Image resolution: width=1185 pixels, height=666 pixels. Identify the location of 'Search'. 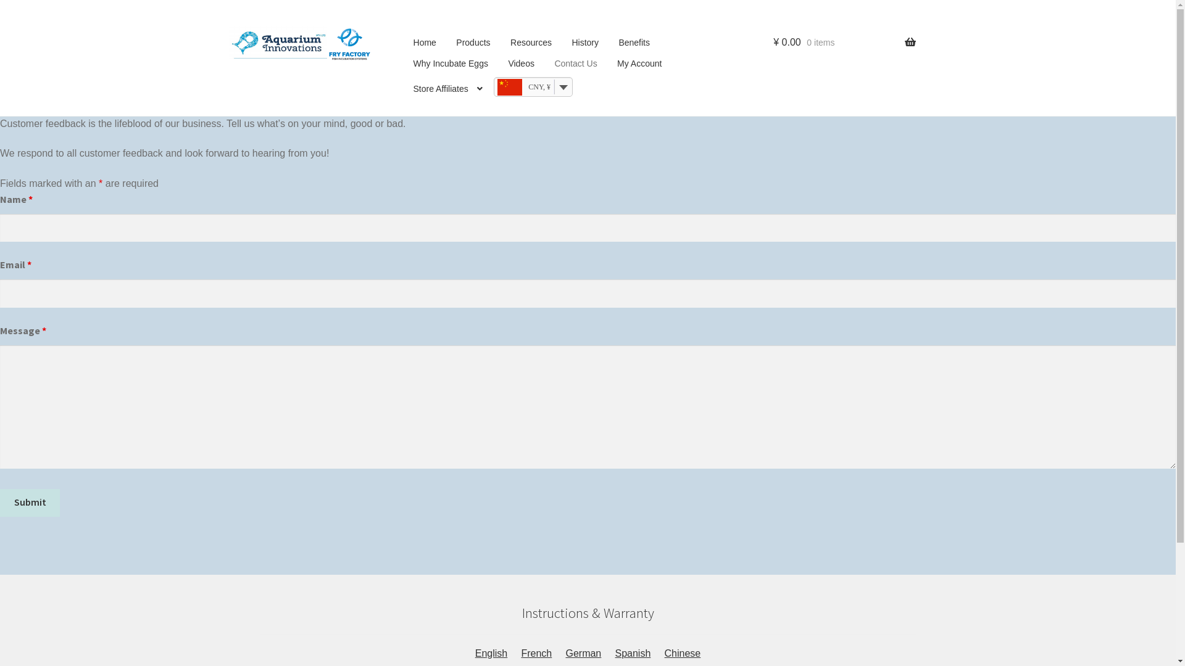
(772, 25).